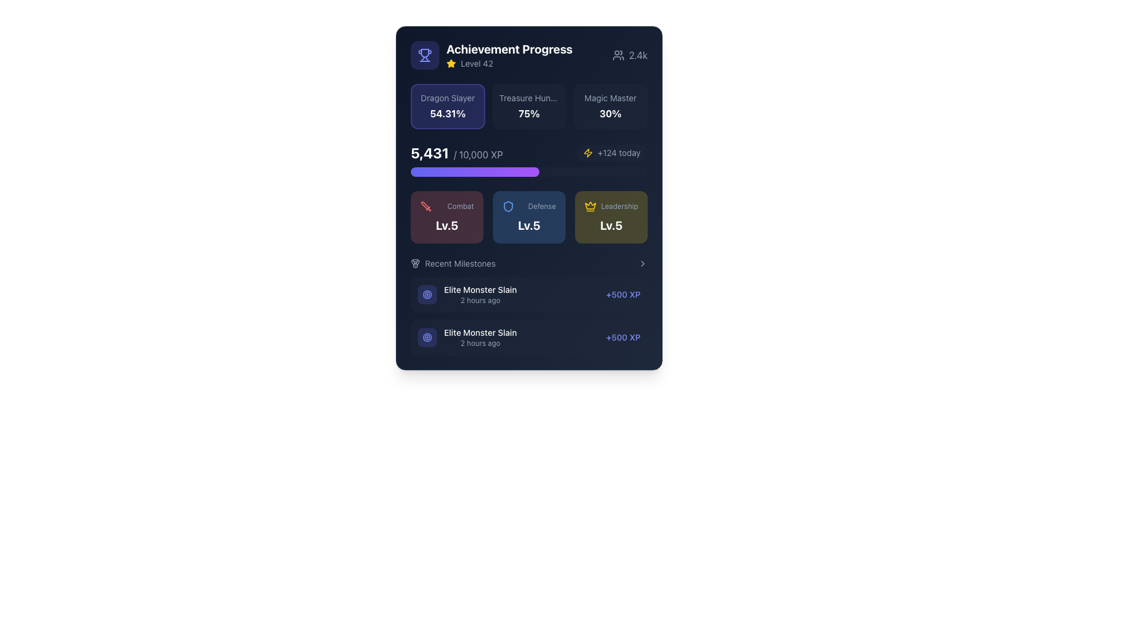 Image resolution: width=1143 pixels, height=643 pixels. I want to click on the shield-shaped icon with a blue outline located to the left of the 'Defense' text in the middle column of the main card's second row, so click(508, 206).